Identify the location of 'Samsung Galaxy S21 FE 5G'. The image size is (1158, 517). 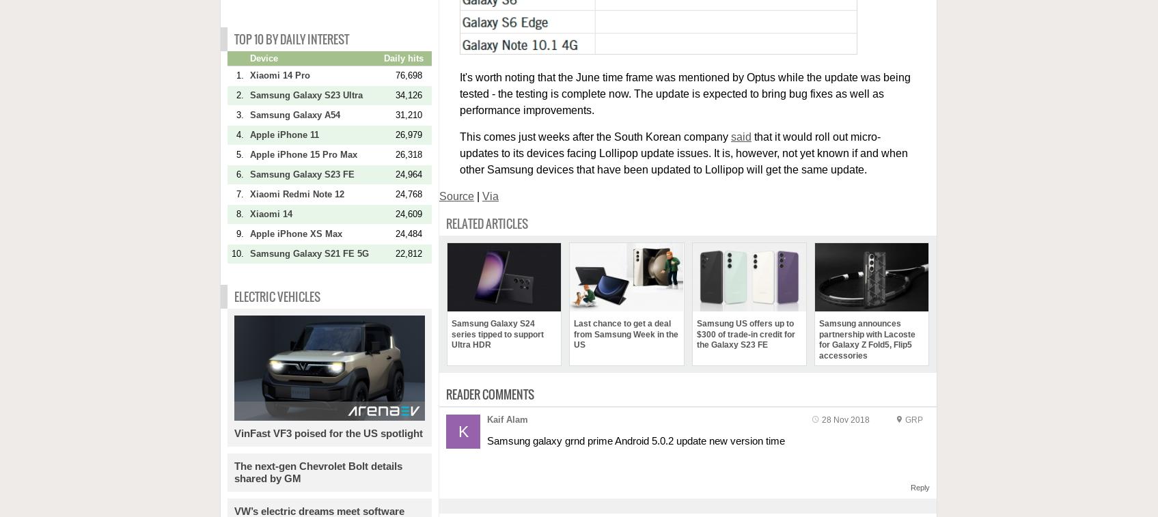
(309, 252).